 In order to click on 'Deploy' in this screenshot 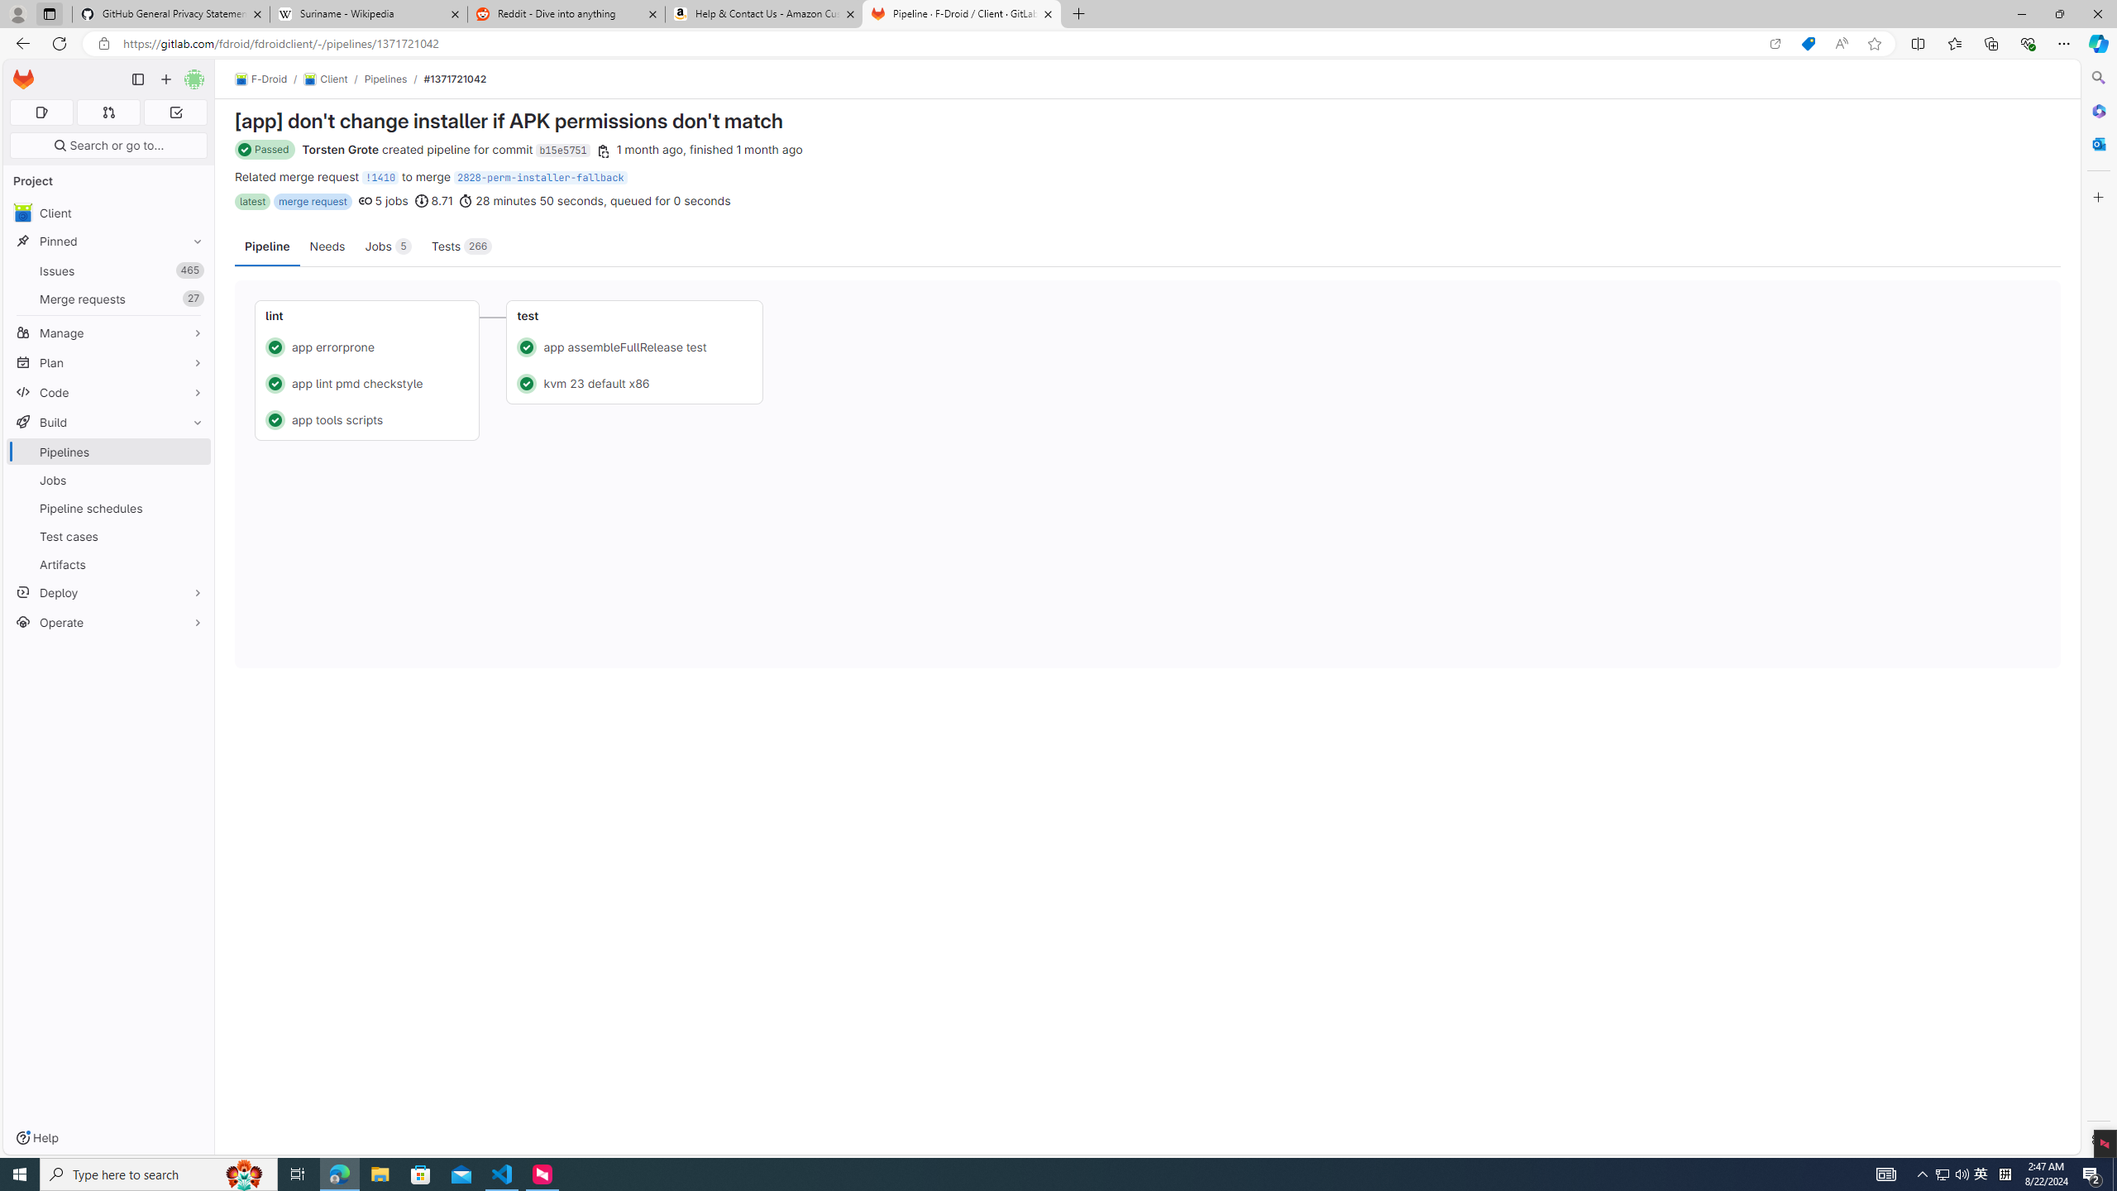, I will do `click(108, 592)`.